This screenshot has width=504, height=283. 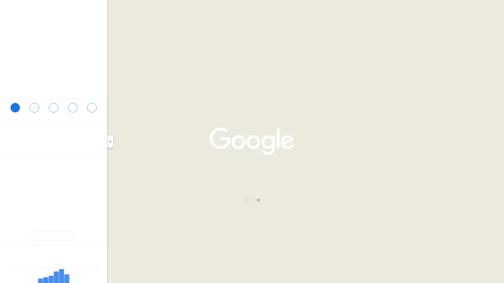 What do you see at coordinates (34, 110) in the screenshot?
I see `Save Every Thing Goes Book Cafe and Neighborhood Stage in your lists` at bounding box center [34, 110].